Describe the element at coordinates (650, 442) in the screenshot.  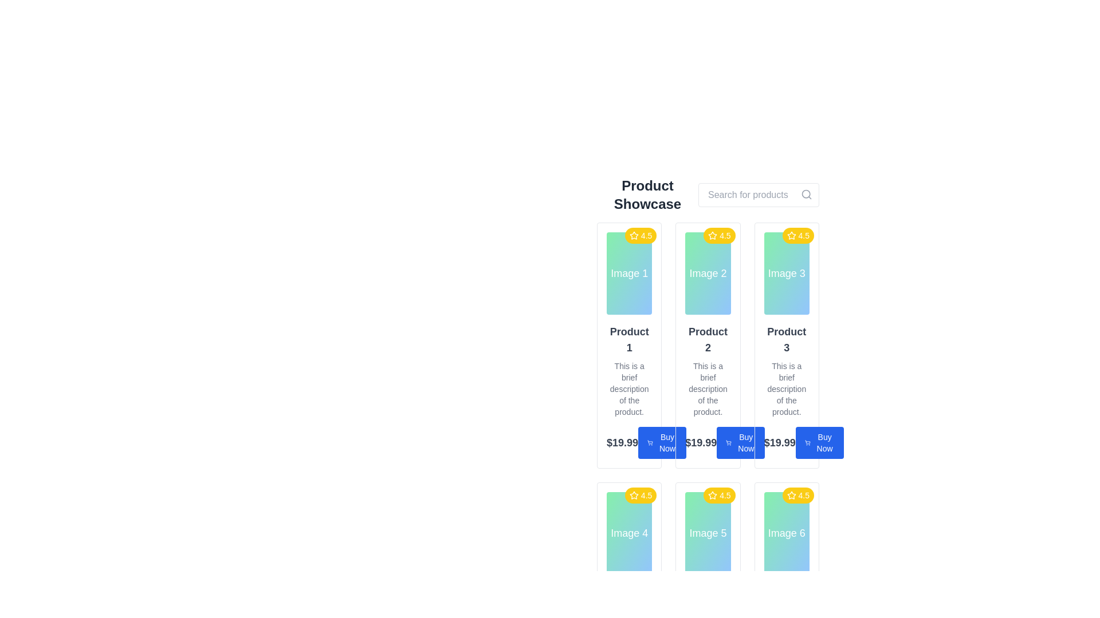
I see `the shopping cart SVG icon located within the blue 'Buy Now' button, which is positioned below the product card's price section` at that location.